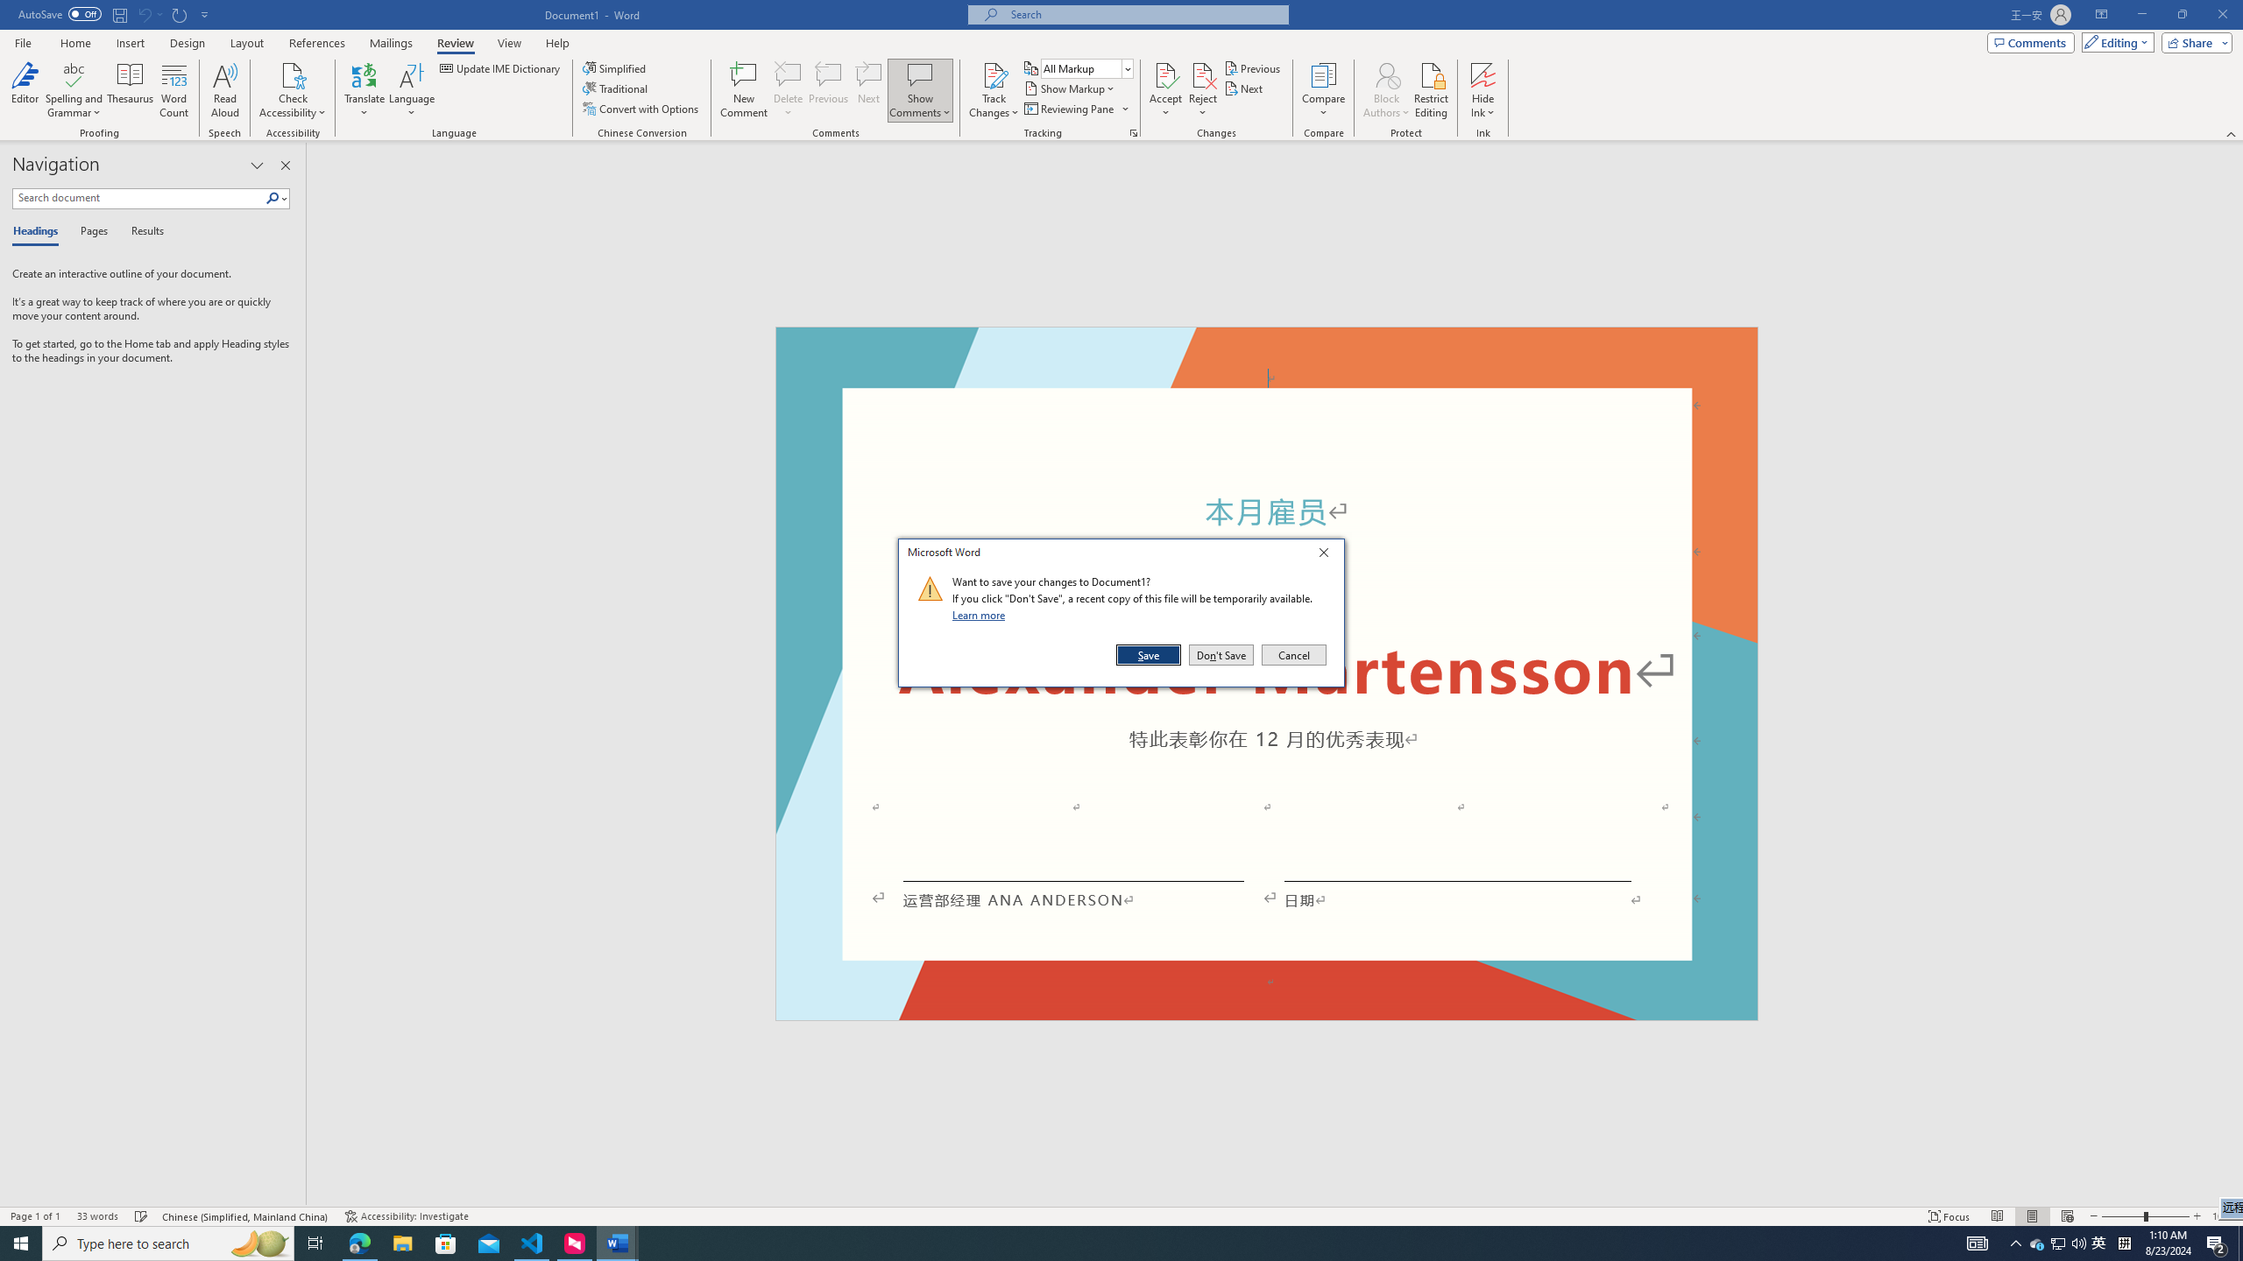 This screenshot has height=1261, width=2243. I want to click on 'Simplified', so click(617, 67).